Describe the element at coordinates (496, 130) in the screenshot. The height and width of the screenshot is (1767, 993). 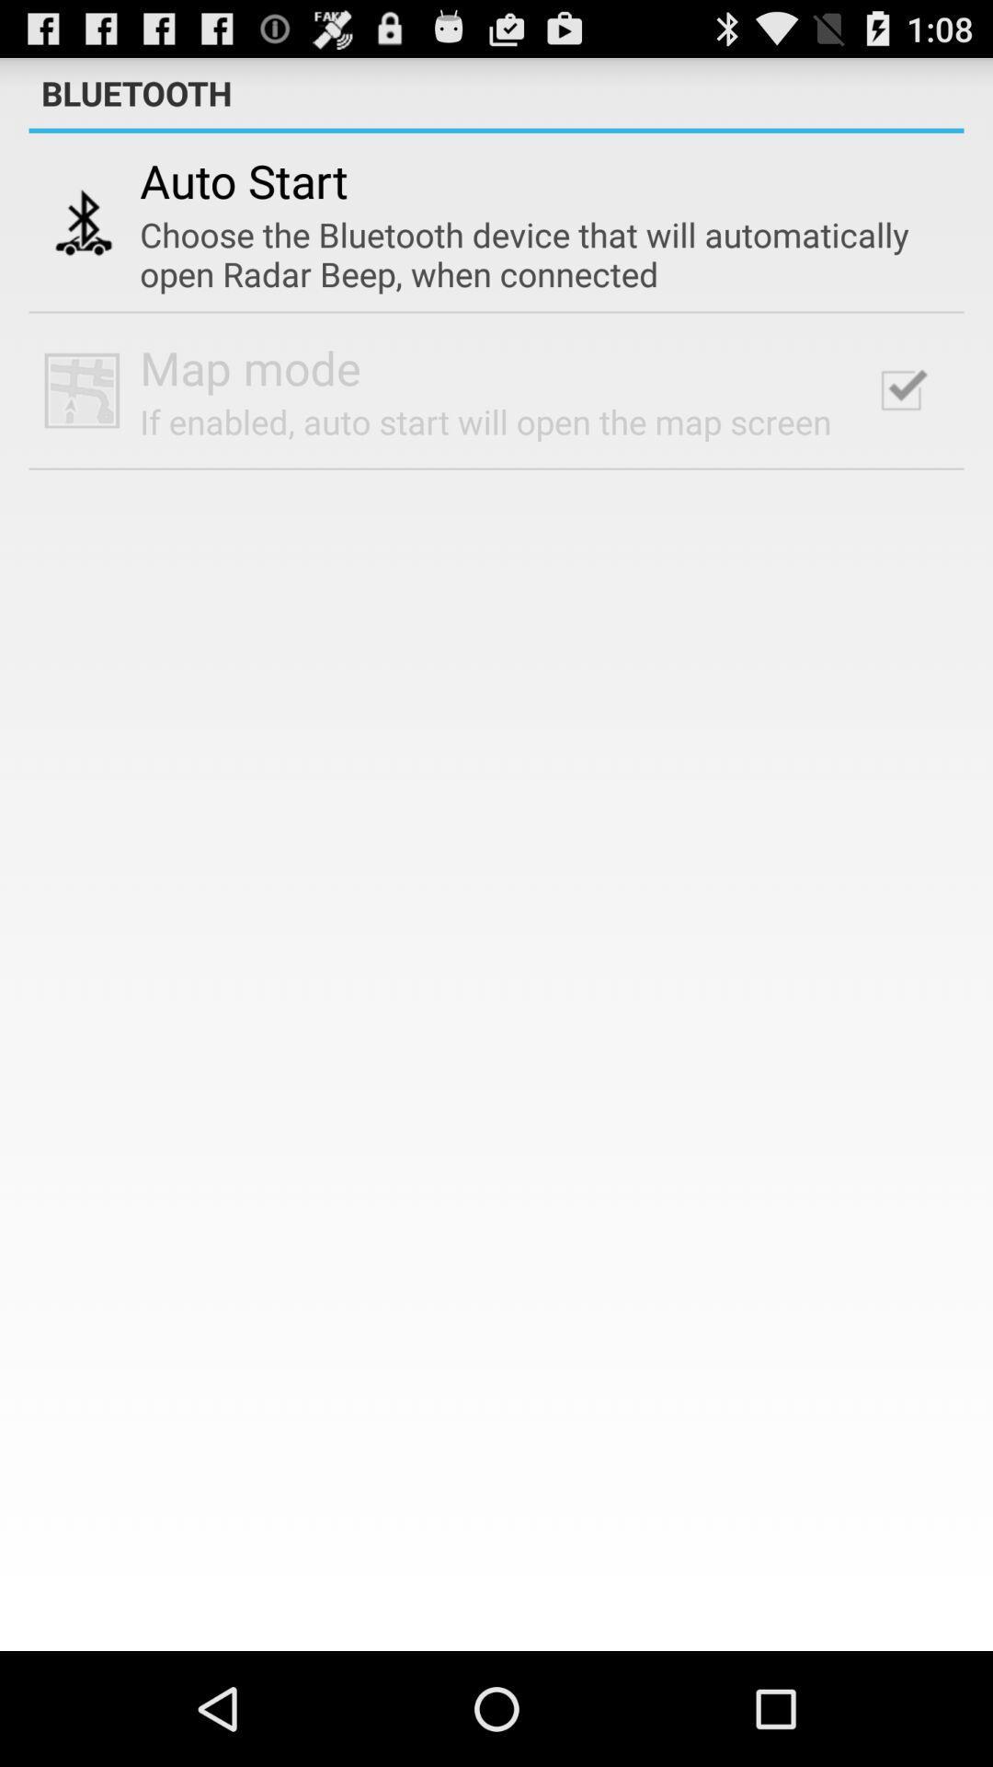
I see `the icon below the bluetooth app` at that location.